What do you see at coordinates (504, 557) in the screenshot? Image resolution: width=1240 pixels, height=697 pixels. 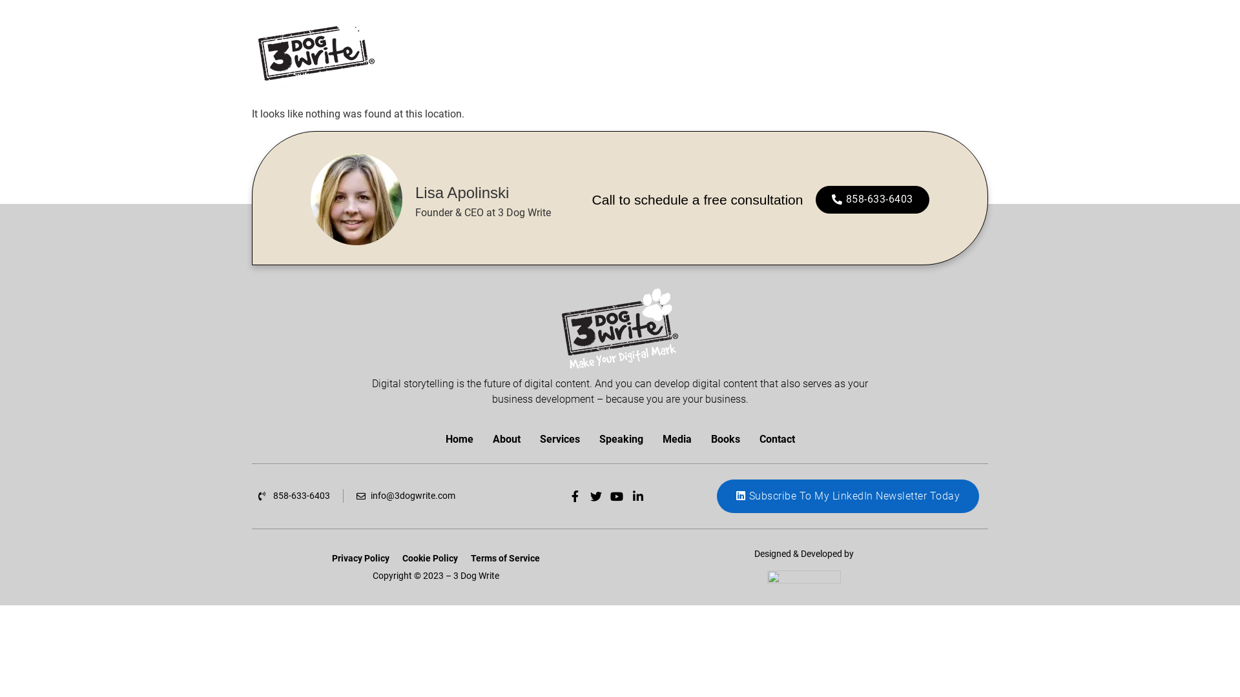 I see `'Terms of Service'` at bounding box center [504, 557].